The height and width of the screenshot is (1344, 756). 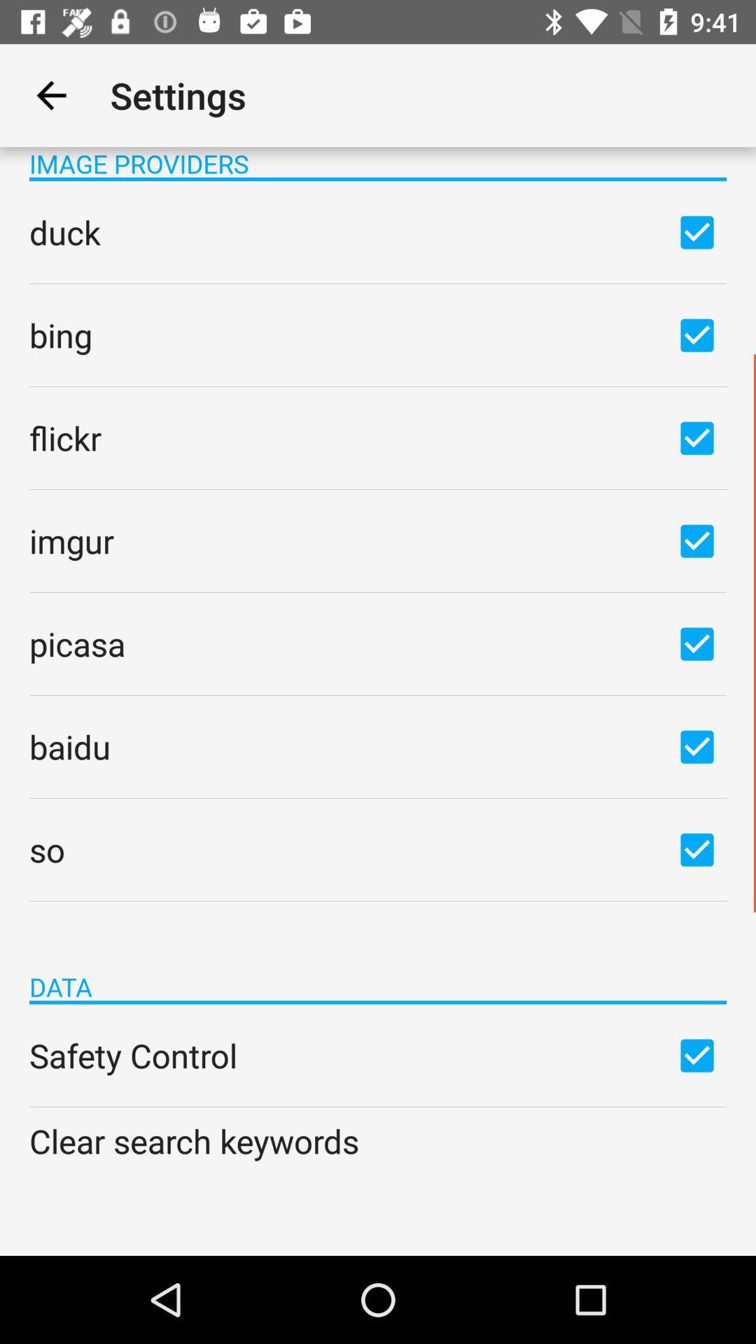 What do you see at coordinates (696, 232) in the screenshot?
I see `duck option checkbox` at bounding box center [696, 232].